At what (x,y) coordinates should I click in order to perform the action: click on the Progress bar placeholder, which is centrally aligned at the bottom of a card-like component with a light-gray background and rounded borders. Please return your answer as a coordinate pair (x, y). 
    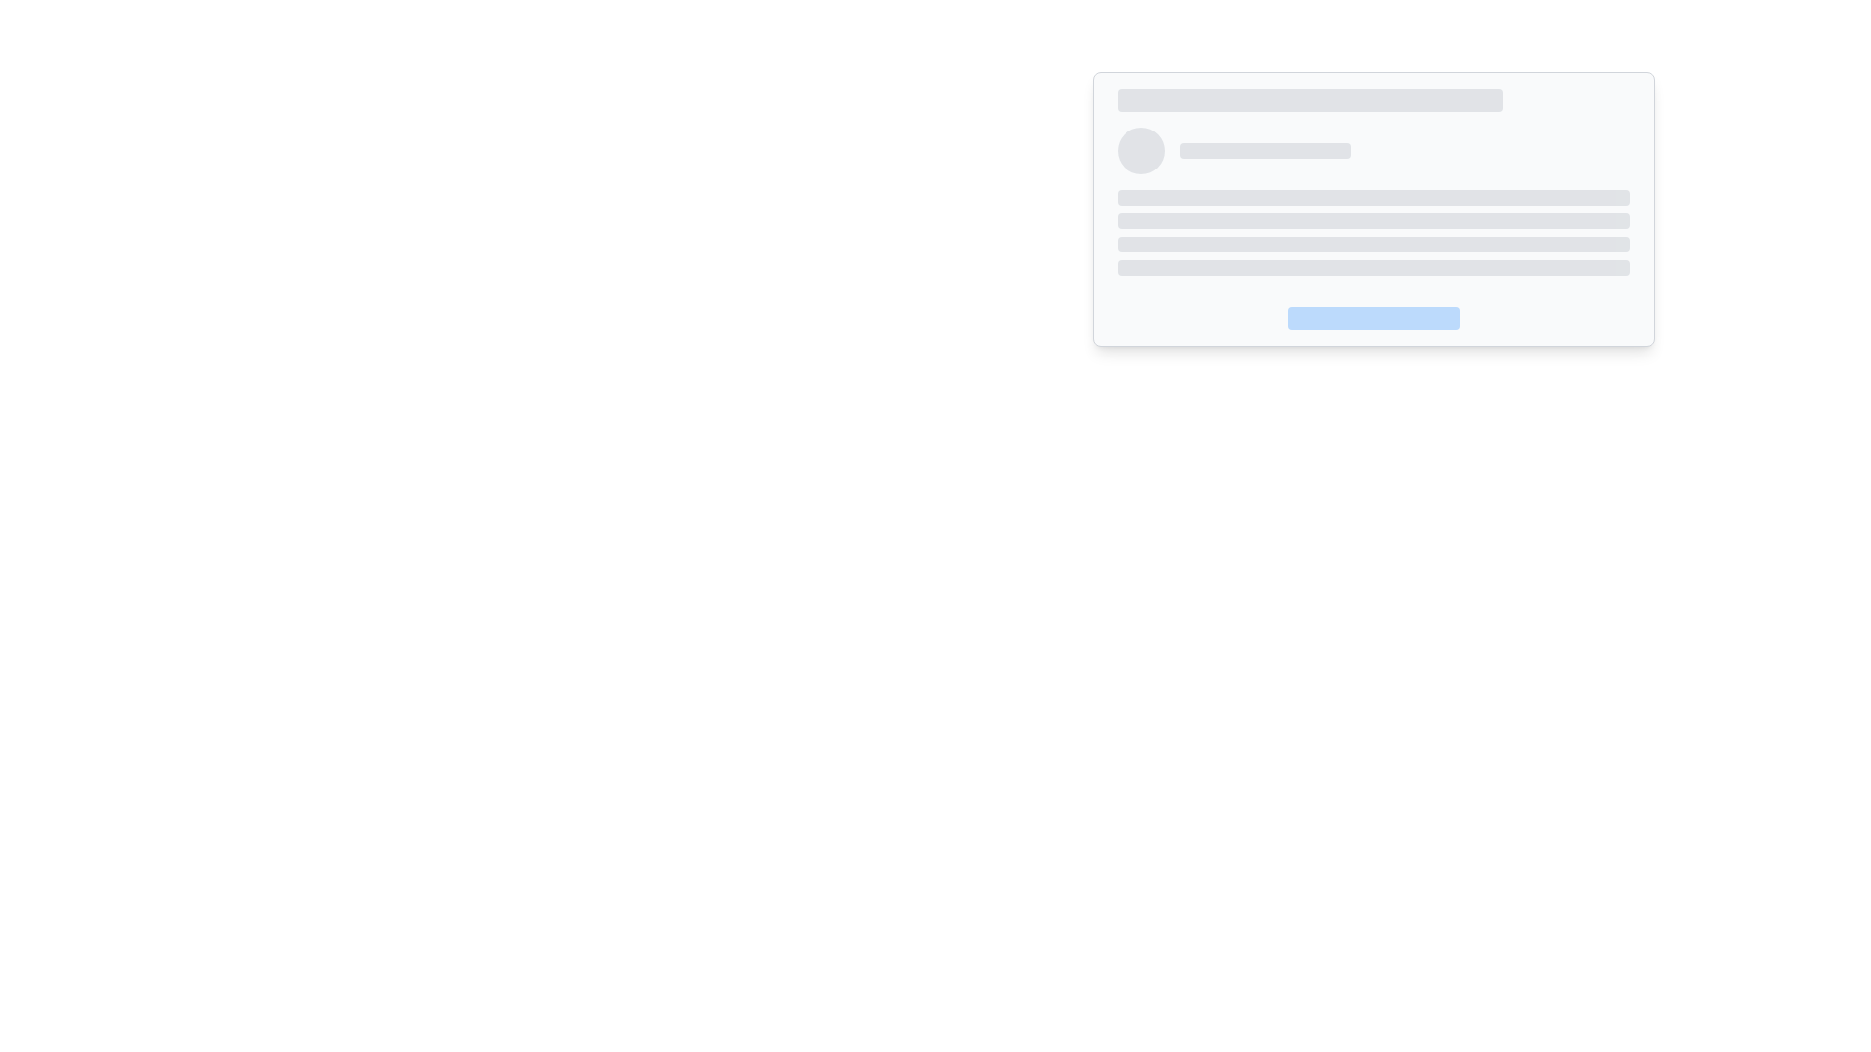
    Looking at the image, I should click on (1373, 310).